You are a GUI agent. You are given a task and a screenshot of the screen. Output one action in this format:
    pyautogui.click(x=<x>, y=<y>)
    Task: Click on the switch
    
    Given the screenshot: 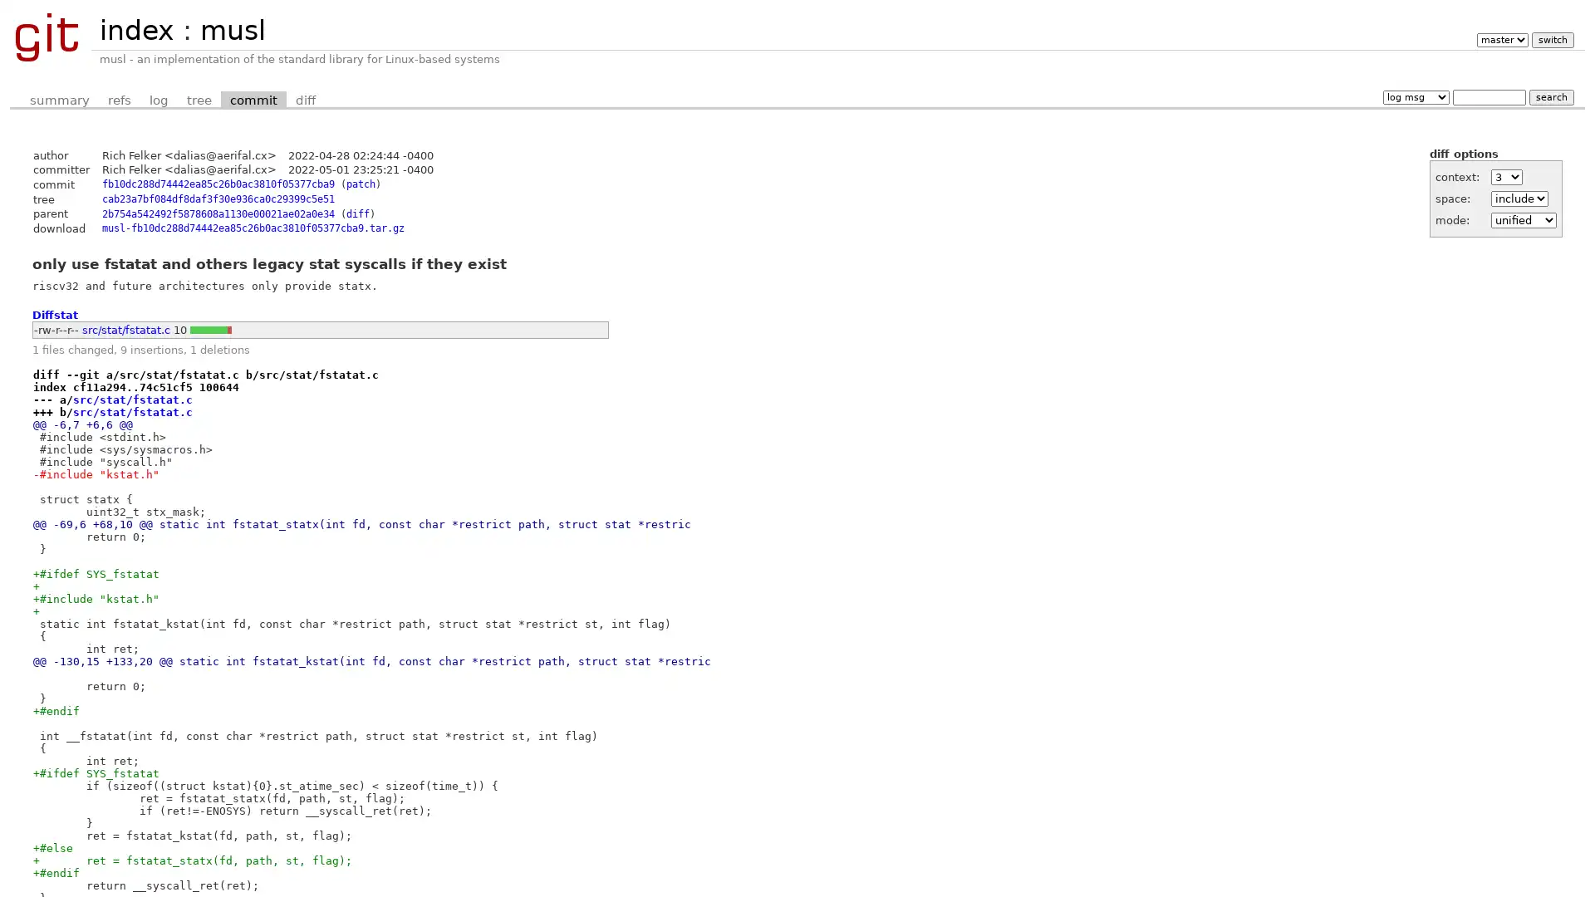 What is the action you would take?
    pyautogui.click(x=1551, y=39)
    